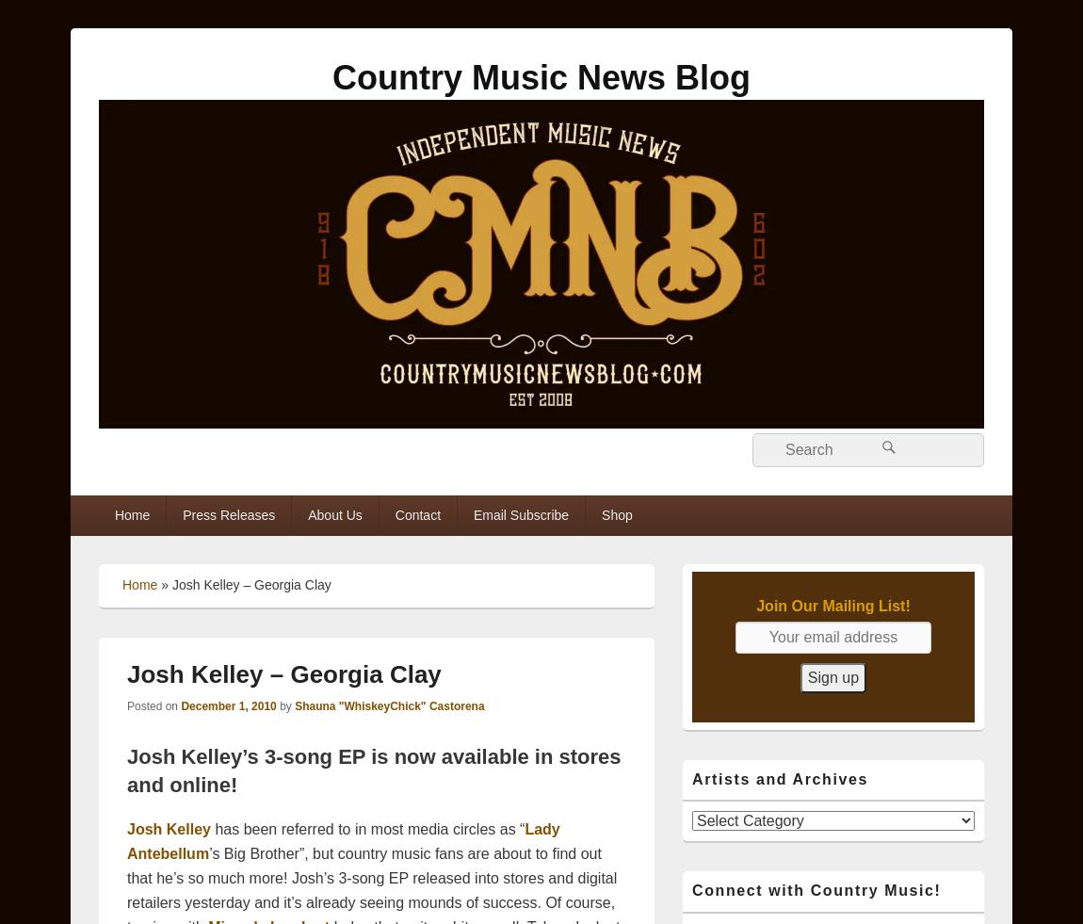 This screenshot has height=924, width=1083. I want to click on 'by', so click(286, 705).